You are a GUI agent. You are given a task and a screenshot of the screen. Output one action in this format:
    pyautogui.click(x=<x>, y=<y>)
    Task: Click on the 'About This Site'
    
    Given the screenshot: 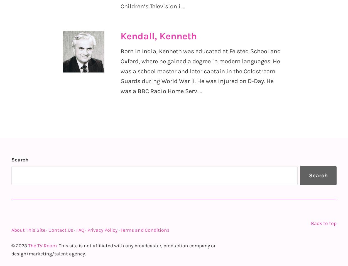 What is the action you would take?
    pyautogui.click(x=28, y=229)
    